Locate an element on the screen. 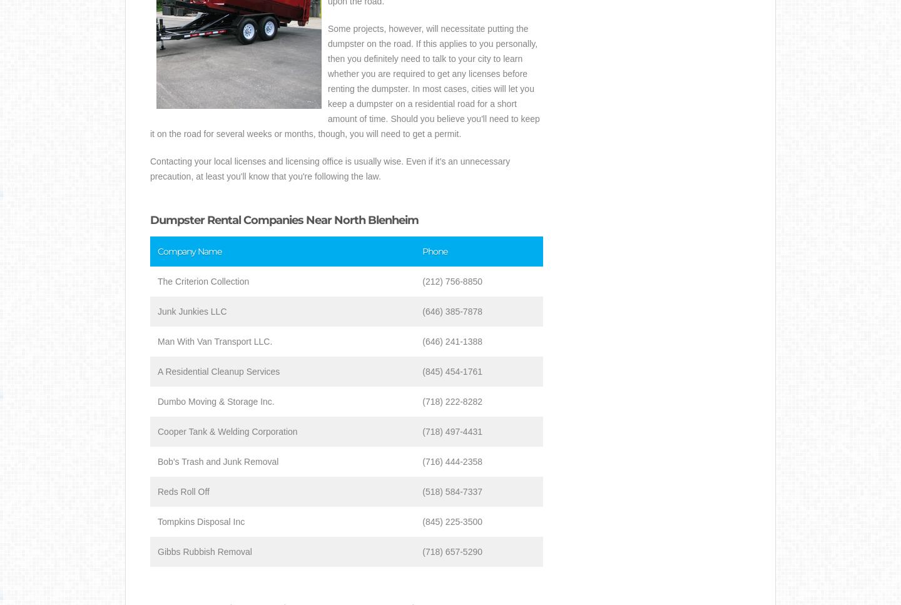 The width and height of the screenshot is (901, 605). 'Contacting your local licenses and licensing office is usually wise. Even if it's an unnecessary precaution, at least you'll know that you're following the law.' is located at coordinates (329, 168).